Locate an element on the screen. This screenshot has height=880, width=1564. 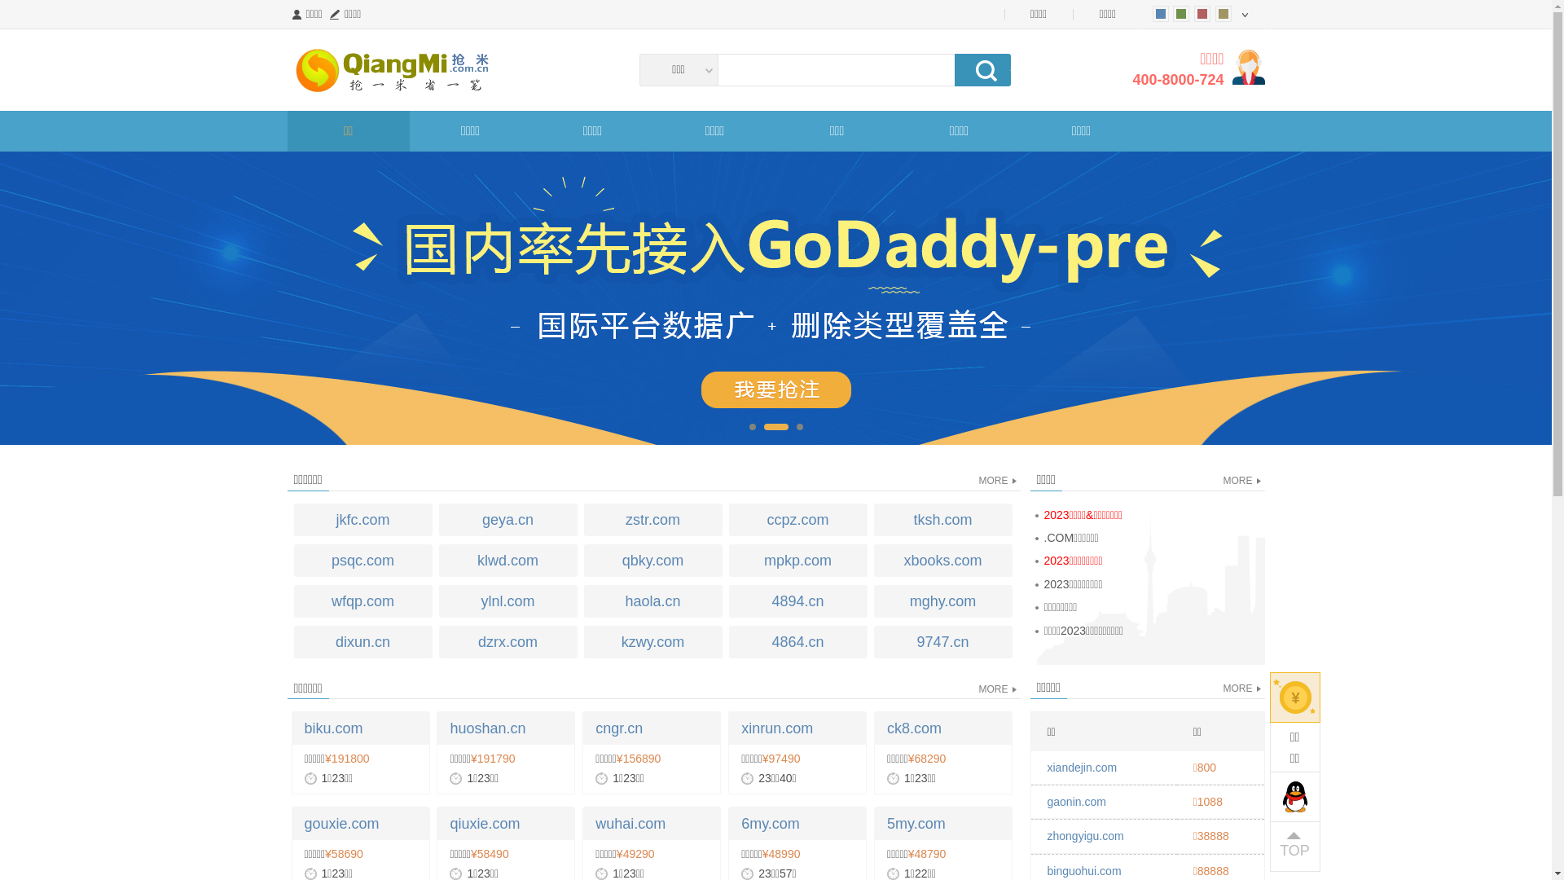
'xiandejin.com' is located at coordinates (1083, 767).